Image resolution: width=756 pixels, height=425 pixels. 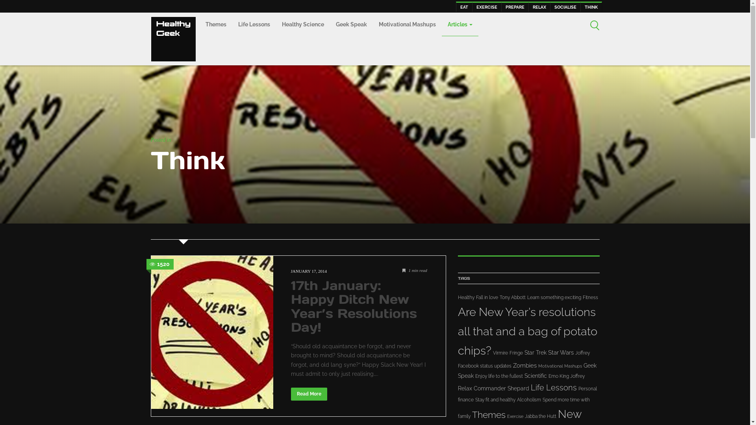 I want to click on 'Themes', so click(x=199, y=24).